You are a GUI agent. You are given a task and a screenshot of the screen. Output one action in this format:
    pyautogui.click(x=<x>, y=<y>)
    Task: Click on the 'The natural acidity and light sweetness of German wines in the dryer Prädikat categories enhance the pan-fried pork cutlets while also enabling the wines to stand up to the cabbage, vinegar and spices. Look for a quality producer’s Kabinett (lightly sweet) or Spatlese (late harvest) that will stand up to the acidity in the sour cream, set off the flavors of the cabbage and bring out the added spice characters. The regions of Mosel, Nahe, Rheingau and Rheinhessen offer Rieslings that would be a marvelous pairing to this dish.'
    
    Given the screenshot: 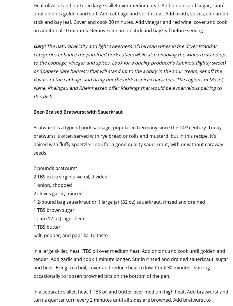 What is the action you would take?
    pyautogui.click(x=33, y=71)
    